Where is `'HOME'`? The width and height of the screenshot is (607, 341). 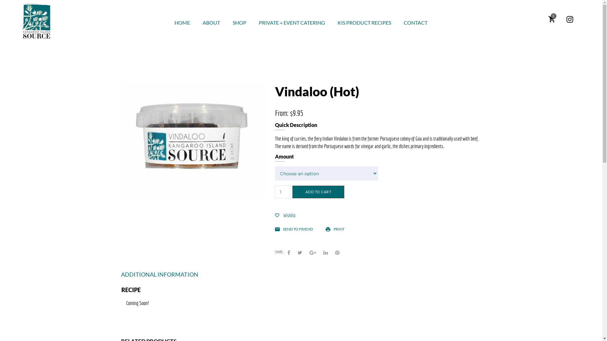 'HOME' is located at coordinates (182, 22).